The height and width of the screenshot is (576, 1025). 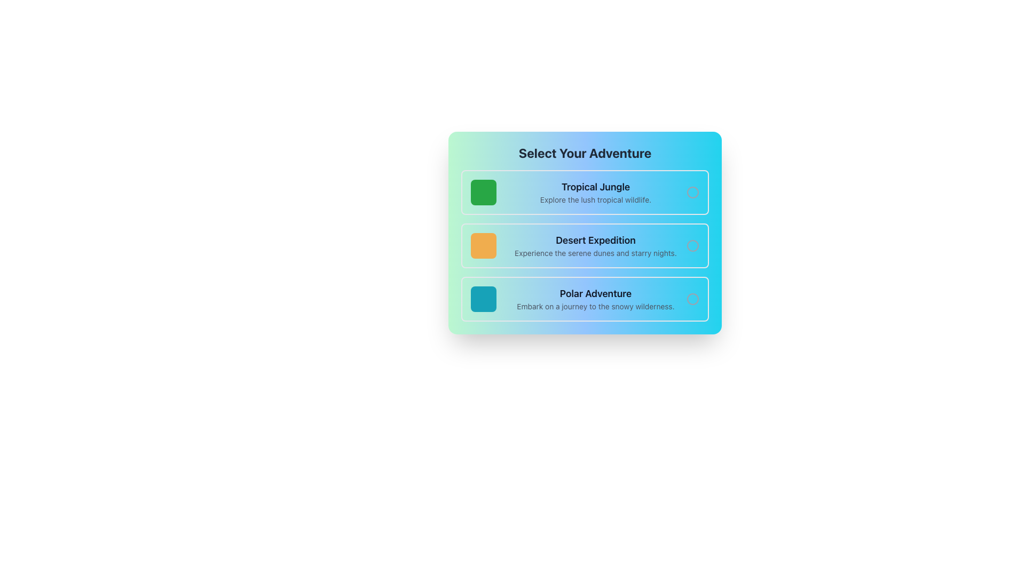 I want to click on the radio button associated with the 'Desert Expedition' selection option, so click(x=692, y=246).